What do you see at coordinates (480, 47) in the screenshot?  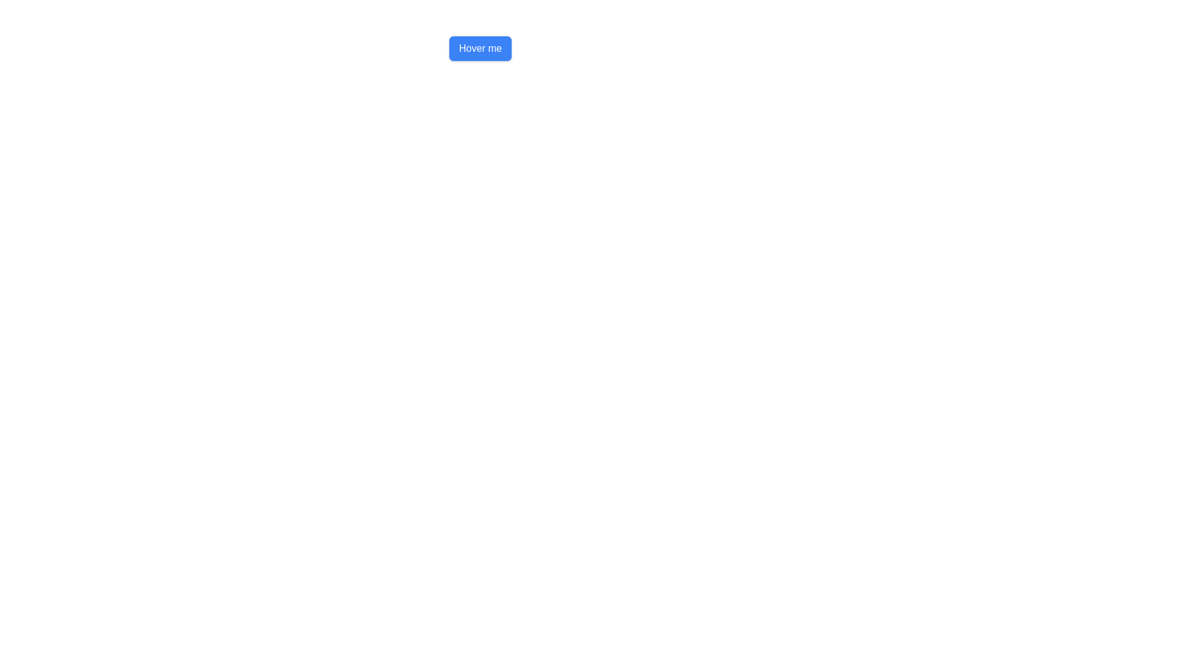 I see `the blue rectangular button labeled 'Hover me' with rounded corners, located near the center-top of the page` at bounding box center [480, 47].